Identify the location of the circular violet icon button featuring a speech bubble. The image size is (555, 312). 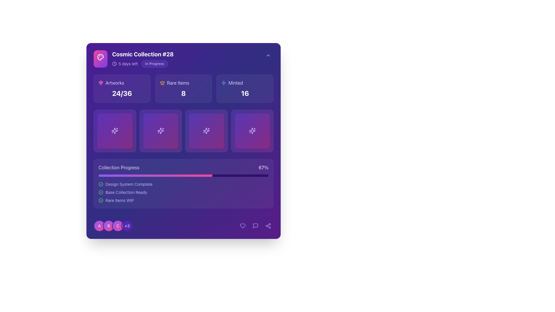
(255, 225).